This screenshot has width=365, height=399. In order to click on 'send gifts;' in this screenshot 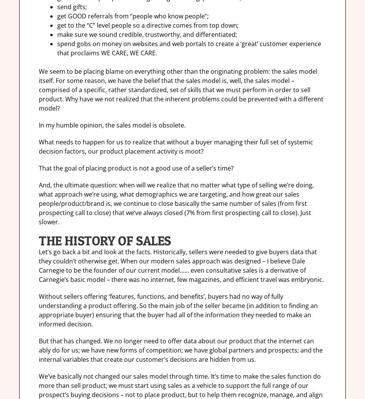, I will do `click(57, 6)`.